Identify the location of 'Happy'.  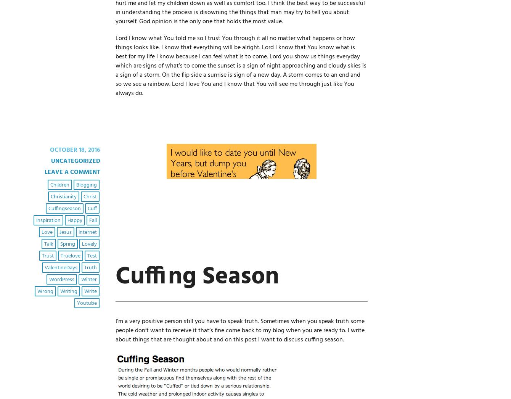
(66, 220).